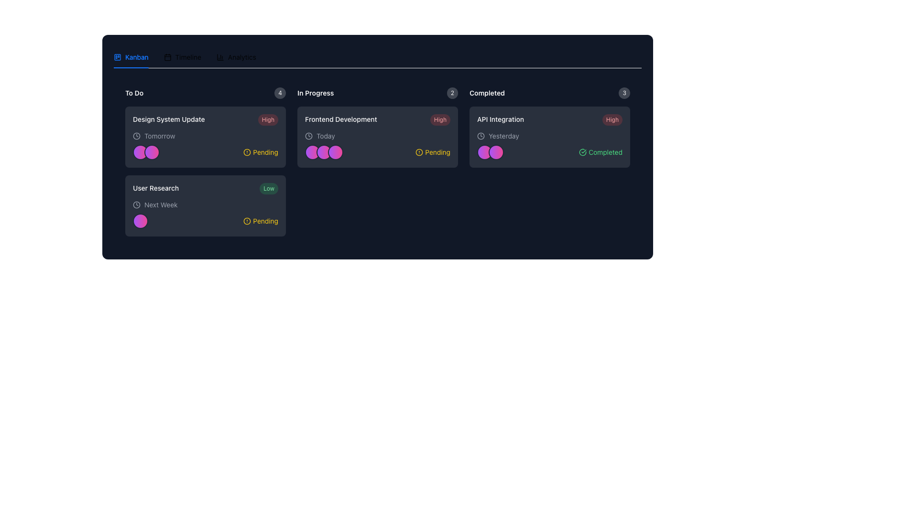 This screenshot has height=516, width=918. Describe the element at coordinates (582, 152) in the screenshot. I see `the completion status icon located in the 'Completed' section, adjacent to the 'Completed' text label` at that location.